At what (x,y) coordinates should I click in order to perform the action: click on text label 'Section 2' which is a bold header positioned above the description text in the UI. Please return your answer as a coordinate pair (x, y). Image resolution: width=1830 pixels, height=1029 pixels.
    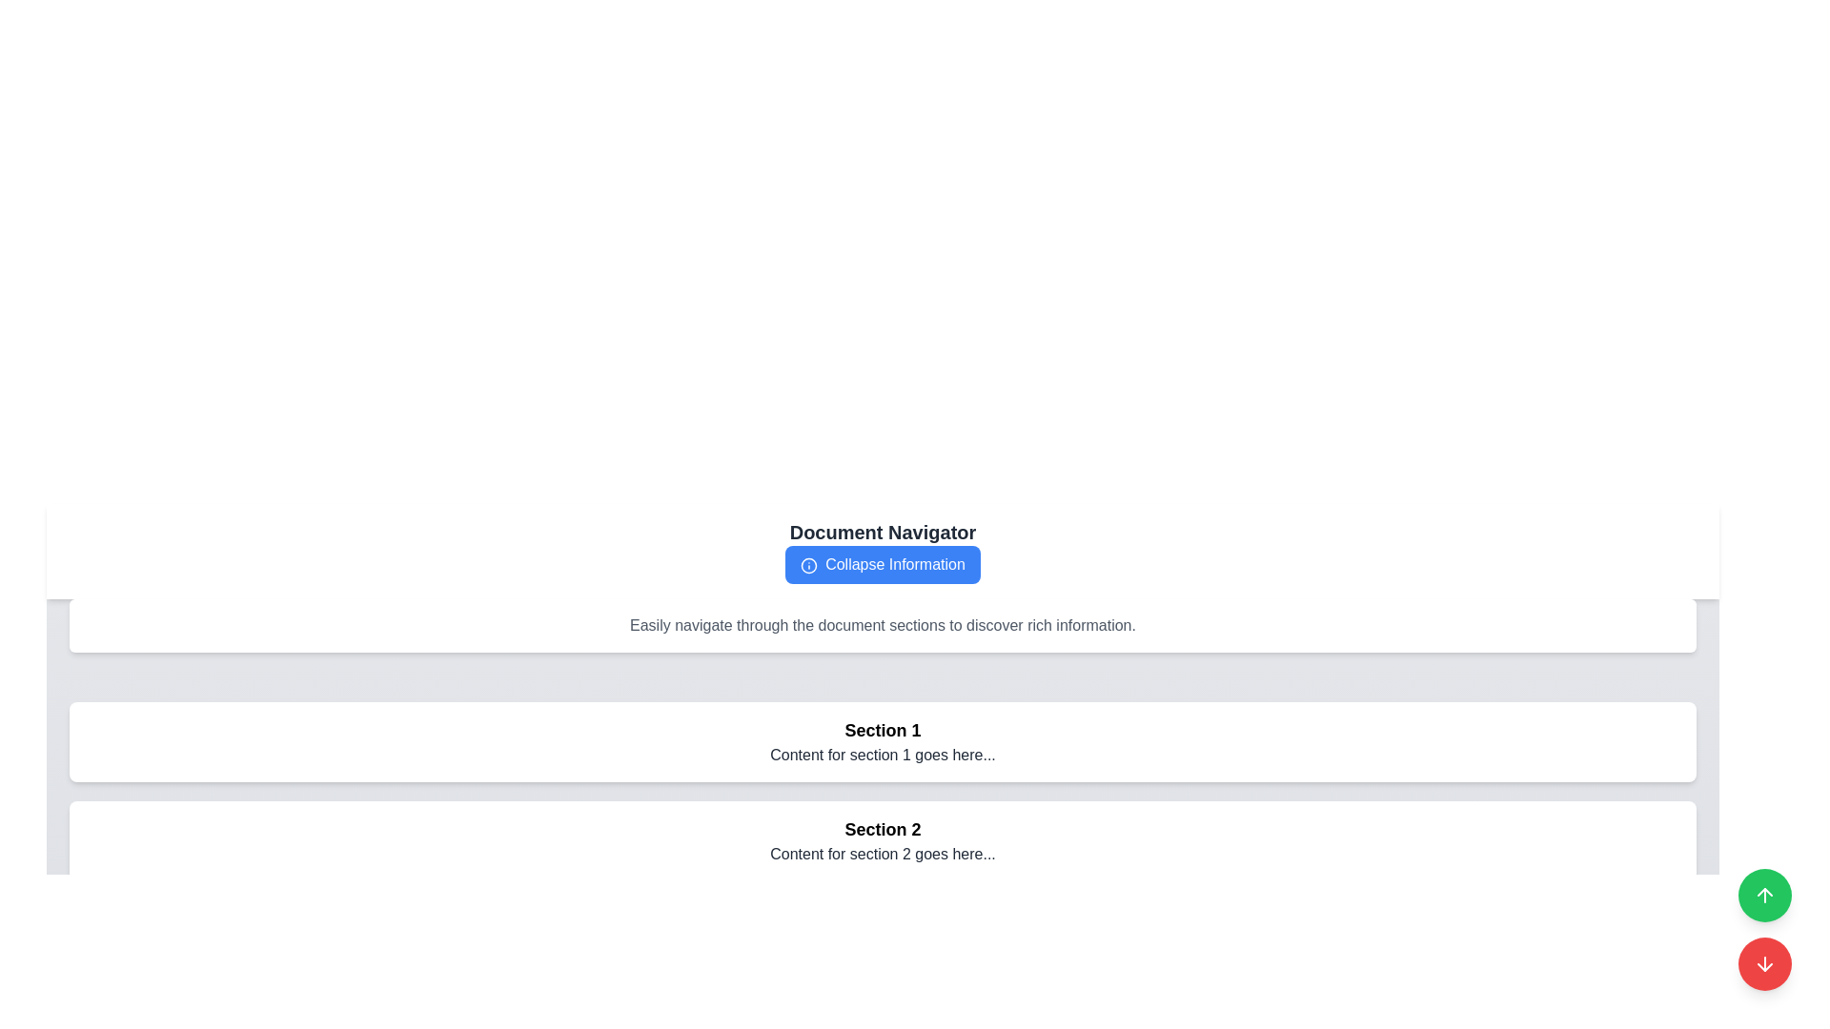
    Looking at the image, I should click on (882, 829).